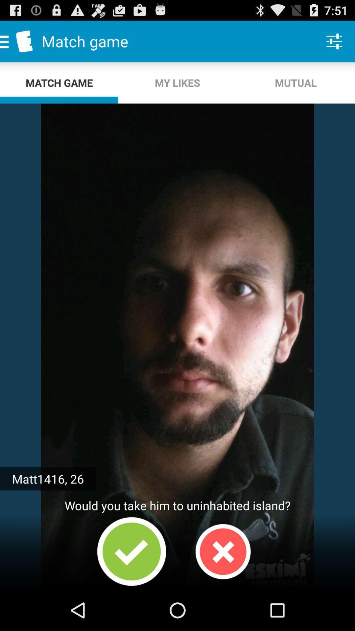 The image size is (355, 631). Describe the element at coordinates (334, 41) in the screenshot. I see `item above the mutual` at that location.